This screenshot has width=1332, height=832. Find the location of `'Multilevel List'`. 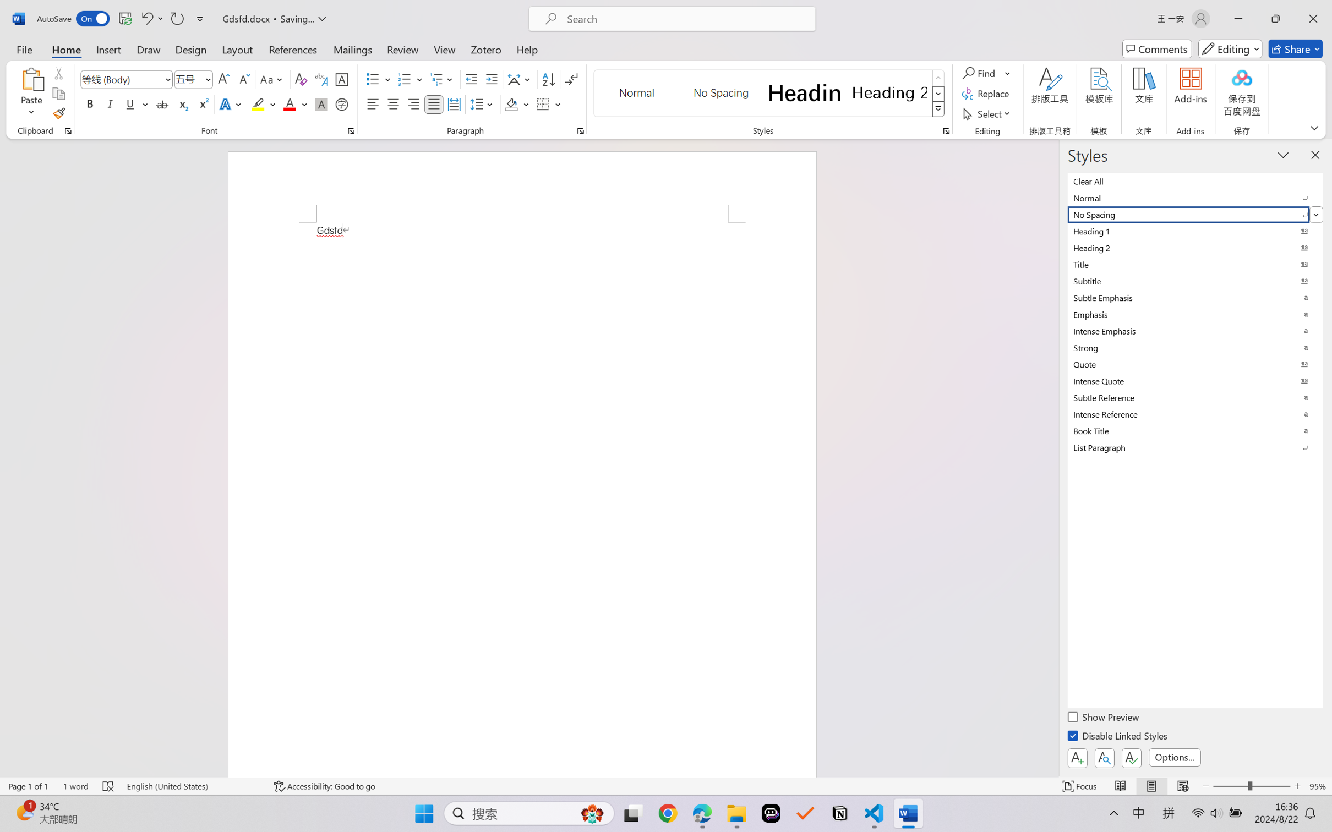

'Multilevel List' is located at coordinates (443, 79).